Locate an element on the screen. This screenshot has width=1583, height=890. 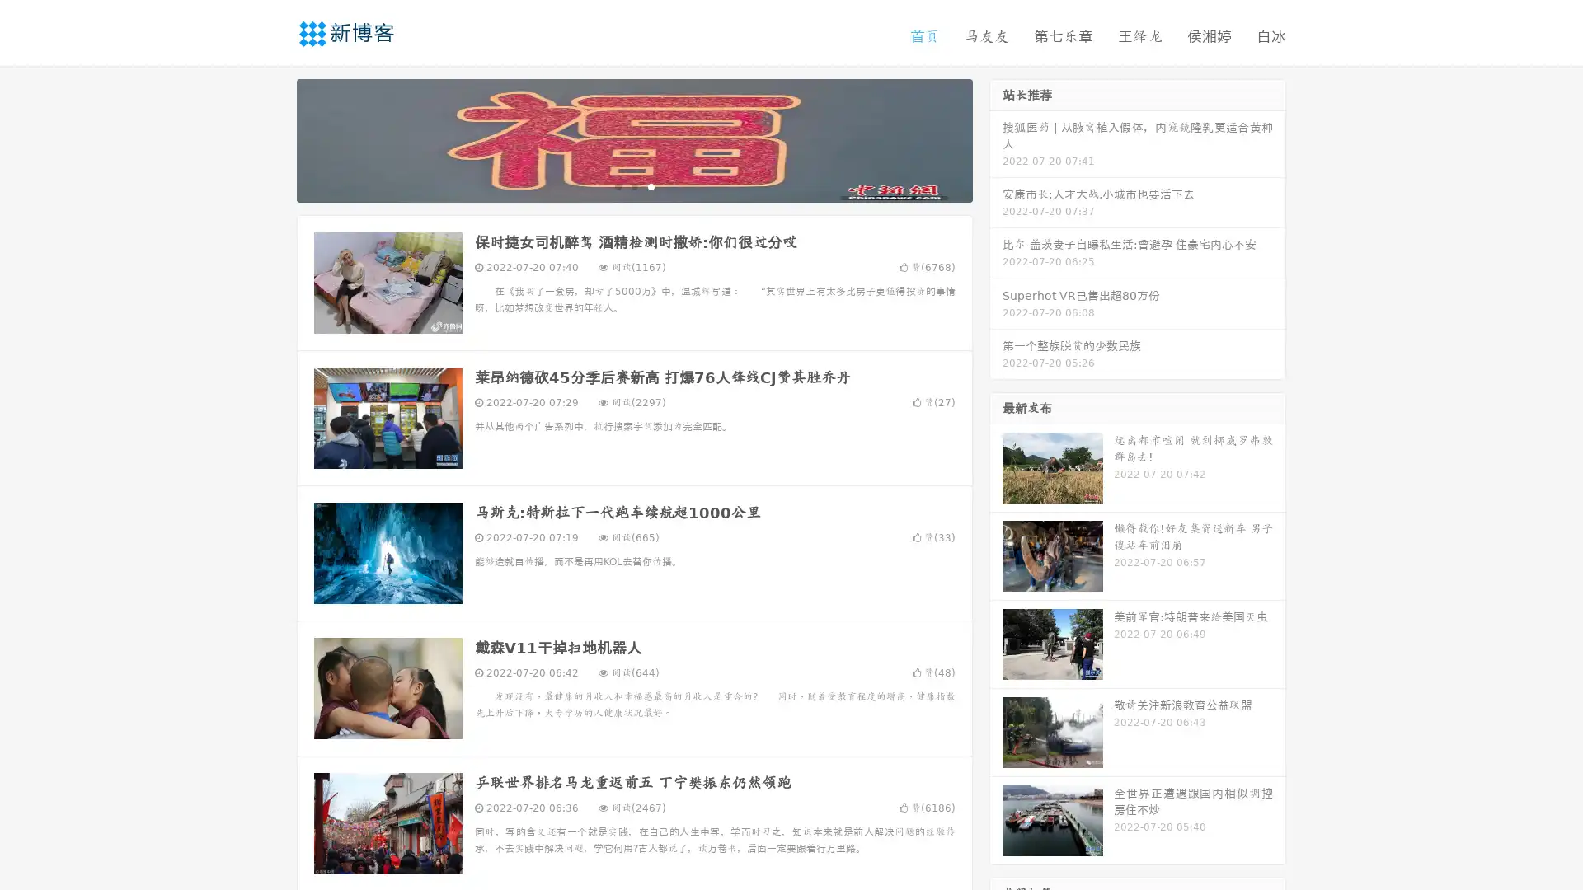
Next slide is located at coordinates (996, 138).